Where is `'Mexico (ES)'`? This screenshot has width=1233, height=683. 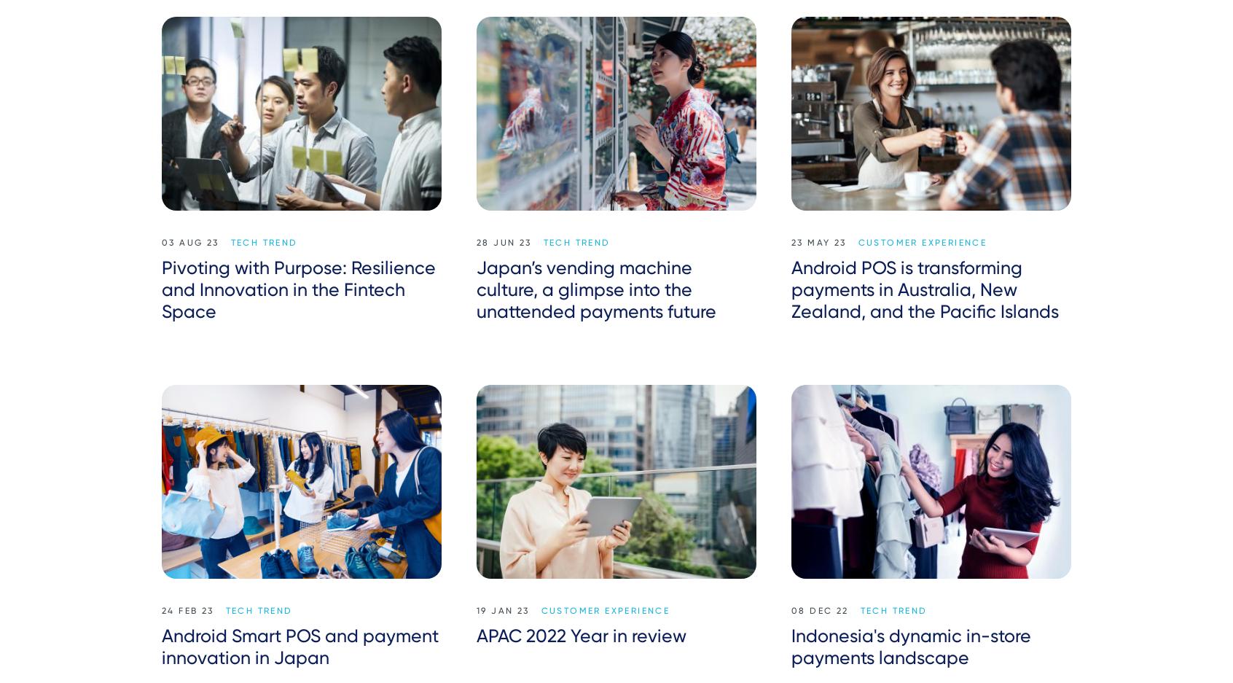 'Mexico (ES)' is located at coordinates (948, 636).